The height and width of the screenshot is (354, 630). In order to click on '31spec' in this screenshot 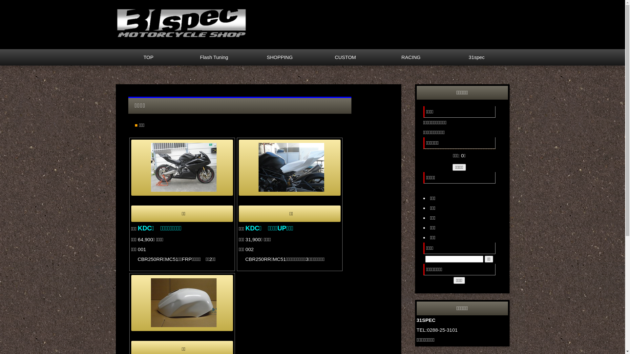, I will do `click(476, 57)`.